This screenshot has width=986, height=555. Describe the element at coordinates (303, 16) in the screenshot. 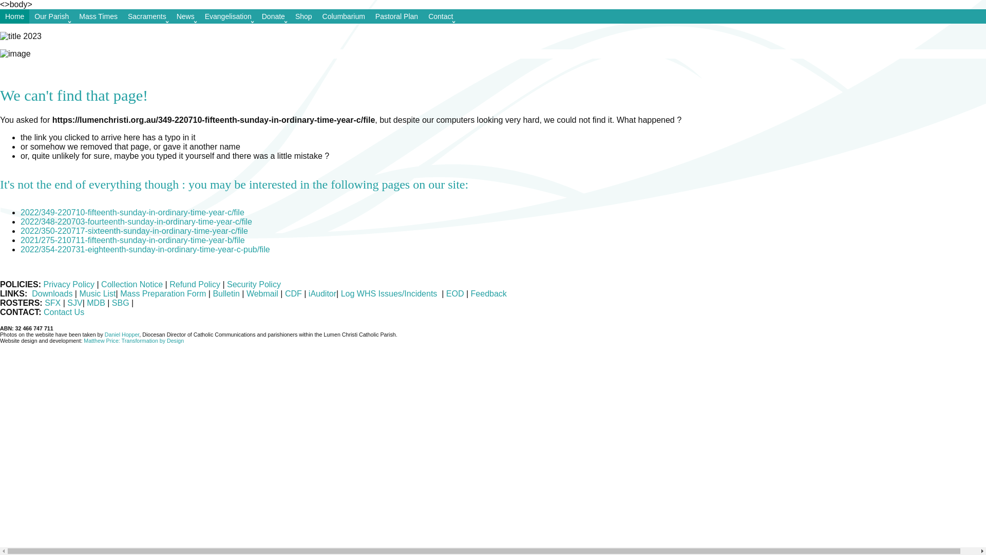

I see `'Shop'` at that location.